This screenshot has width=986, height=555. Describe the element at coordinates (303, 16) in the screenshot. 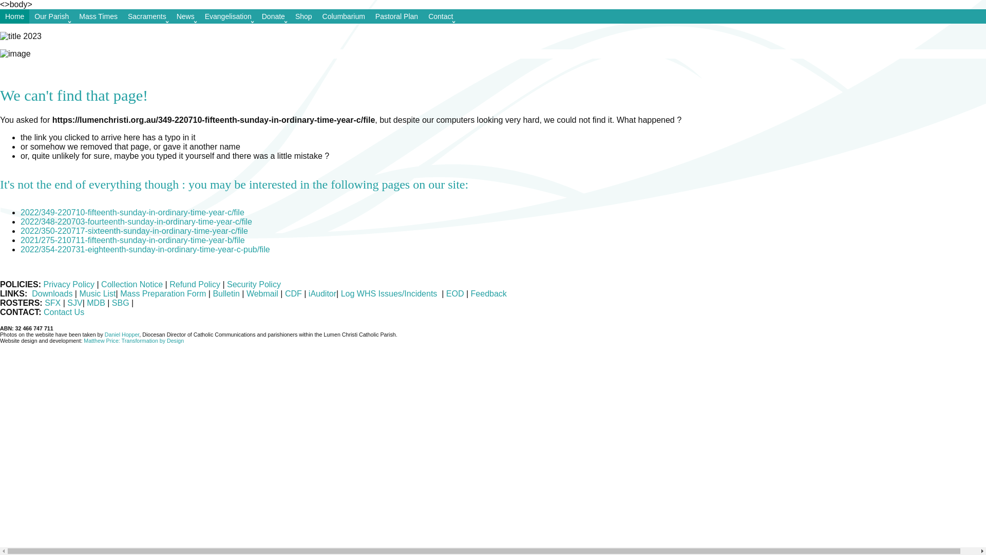

I see `'Shop'` at that location.